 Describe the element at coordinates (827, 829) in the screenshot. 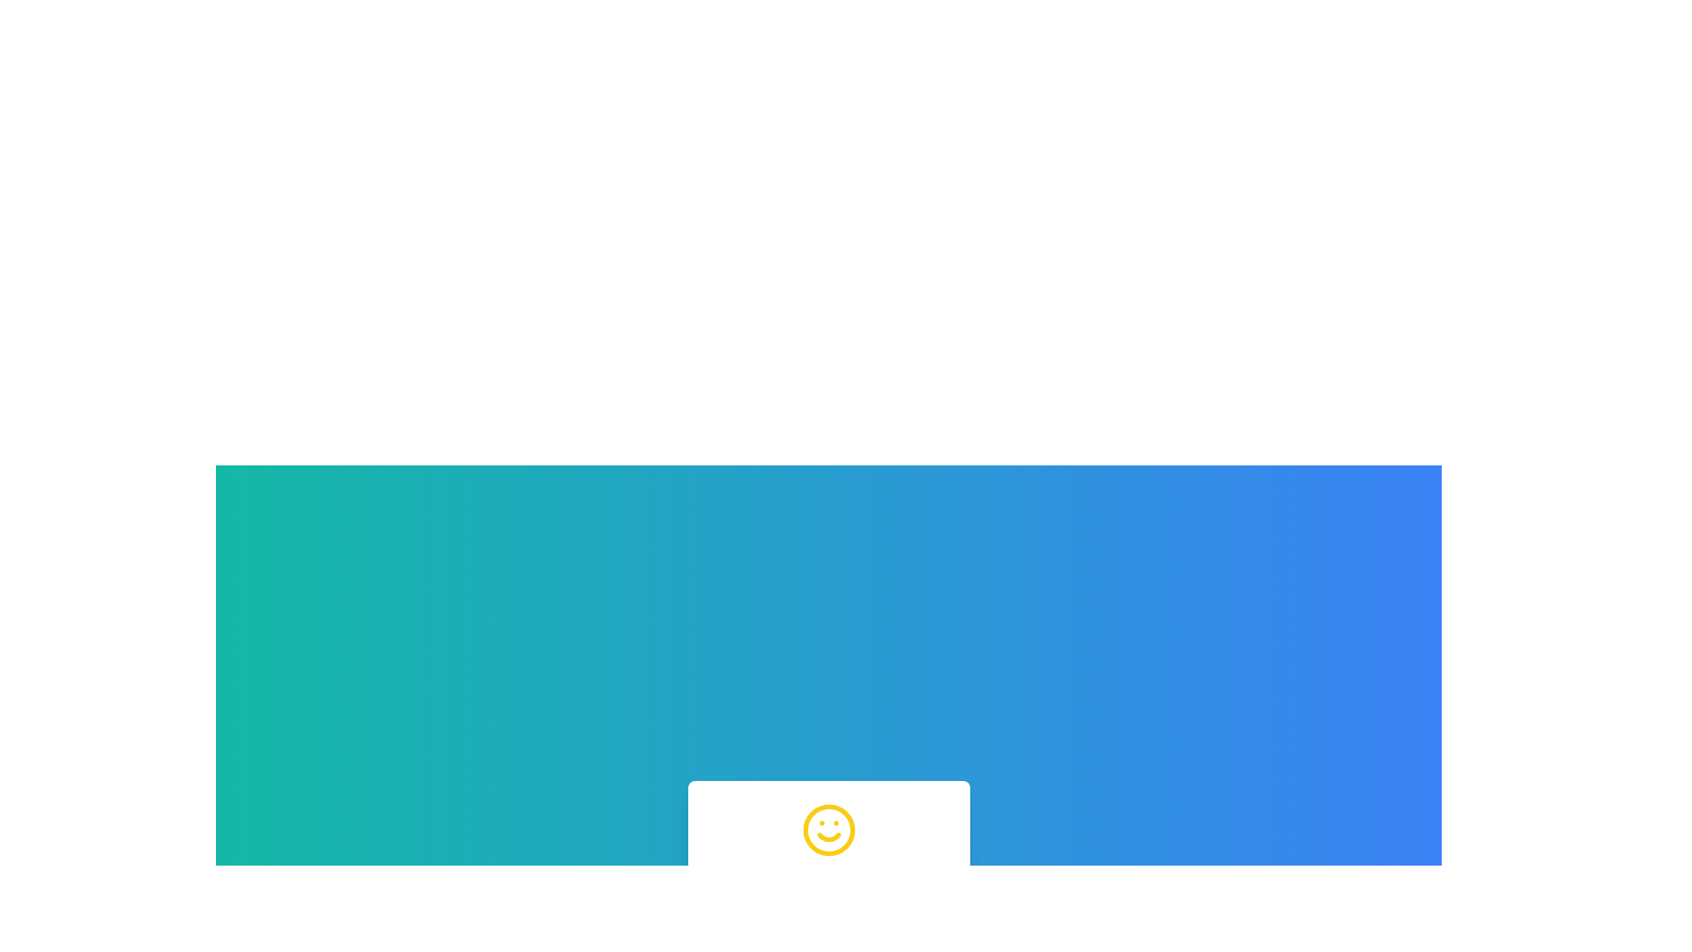

I see `the yellow smiling face icon, which is centrally located above the text 'It's Empty Here' and 'Create the first item to get started'` at that location.